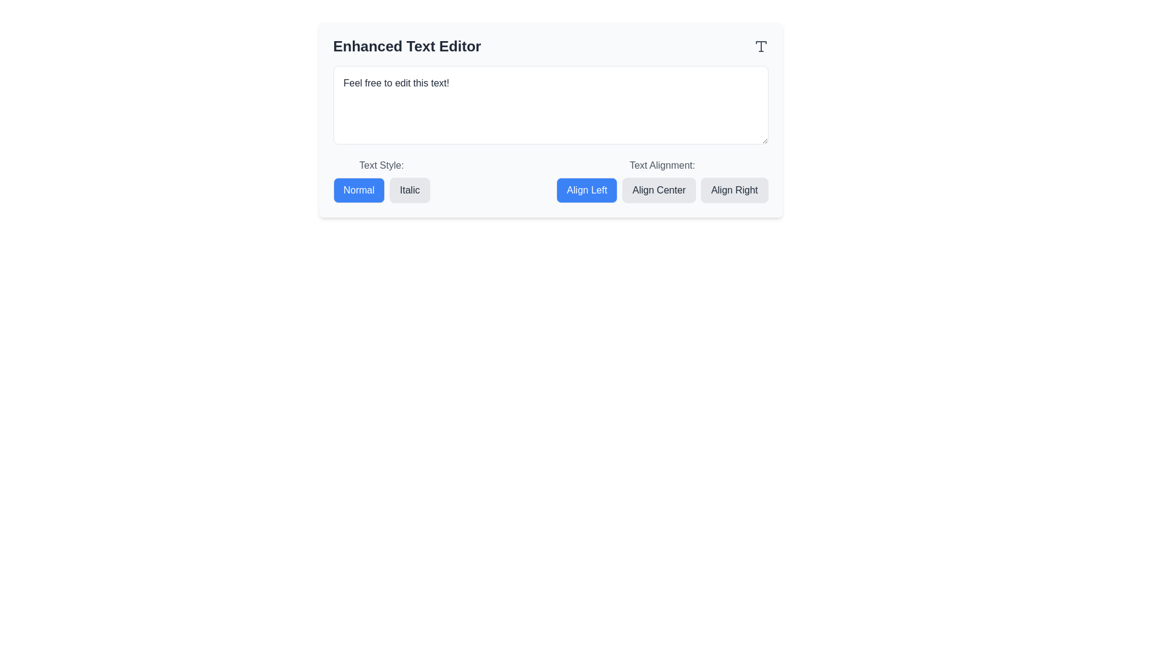 The height and width of the screenshot is (653, 1160). What do you see at coordinates (658, 190) in the screenshot?
I see `the center alignment button located between the 'Align Left' and 'Align Right' buttons in the 'Text Alignment' section of the text editor to set the text alignment to center` at bounding box center [658, 190].